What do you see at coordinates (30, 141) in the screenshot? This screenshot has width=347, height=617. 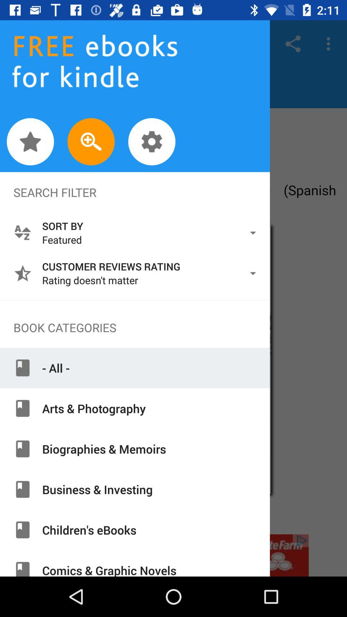 I see `fave rad` at bounding box center [30, 141].